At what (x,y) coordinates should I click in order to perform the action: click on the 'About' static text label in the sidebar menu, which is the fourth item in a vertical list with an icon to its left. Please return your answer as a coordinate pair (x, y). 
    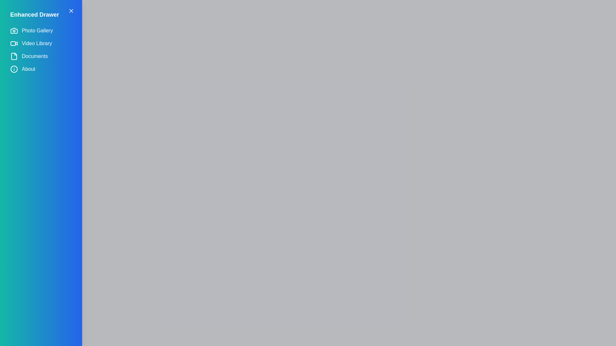
    Looking at the image, I should click on (28, 69).